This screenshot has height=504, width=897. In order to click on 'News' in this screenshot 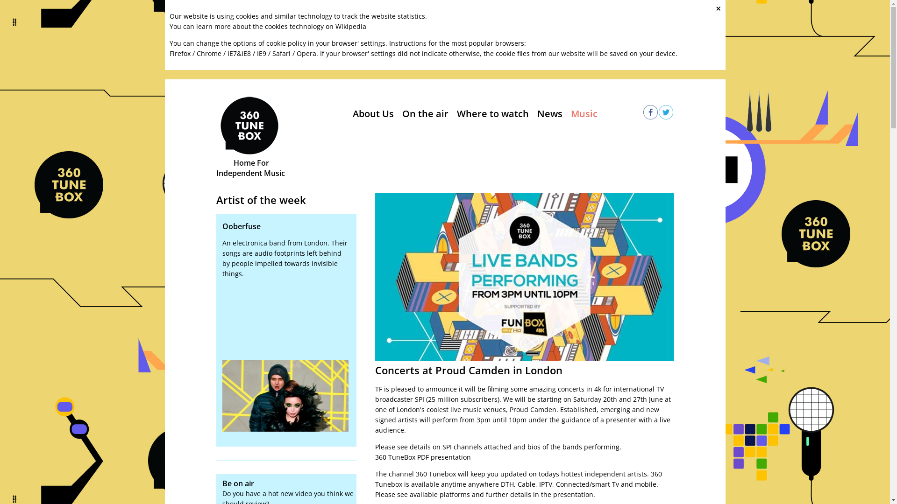, I will do `click(549, 113)`.